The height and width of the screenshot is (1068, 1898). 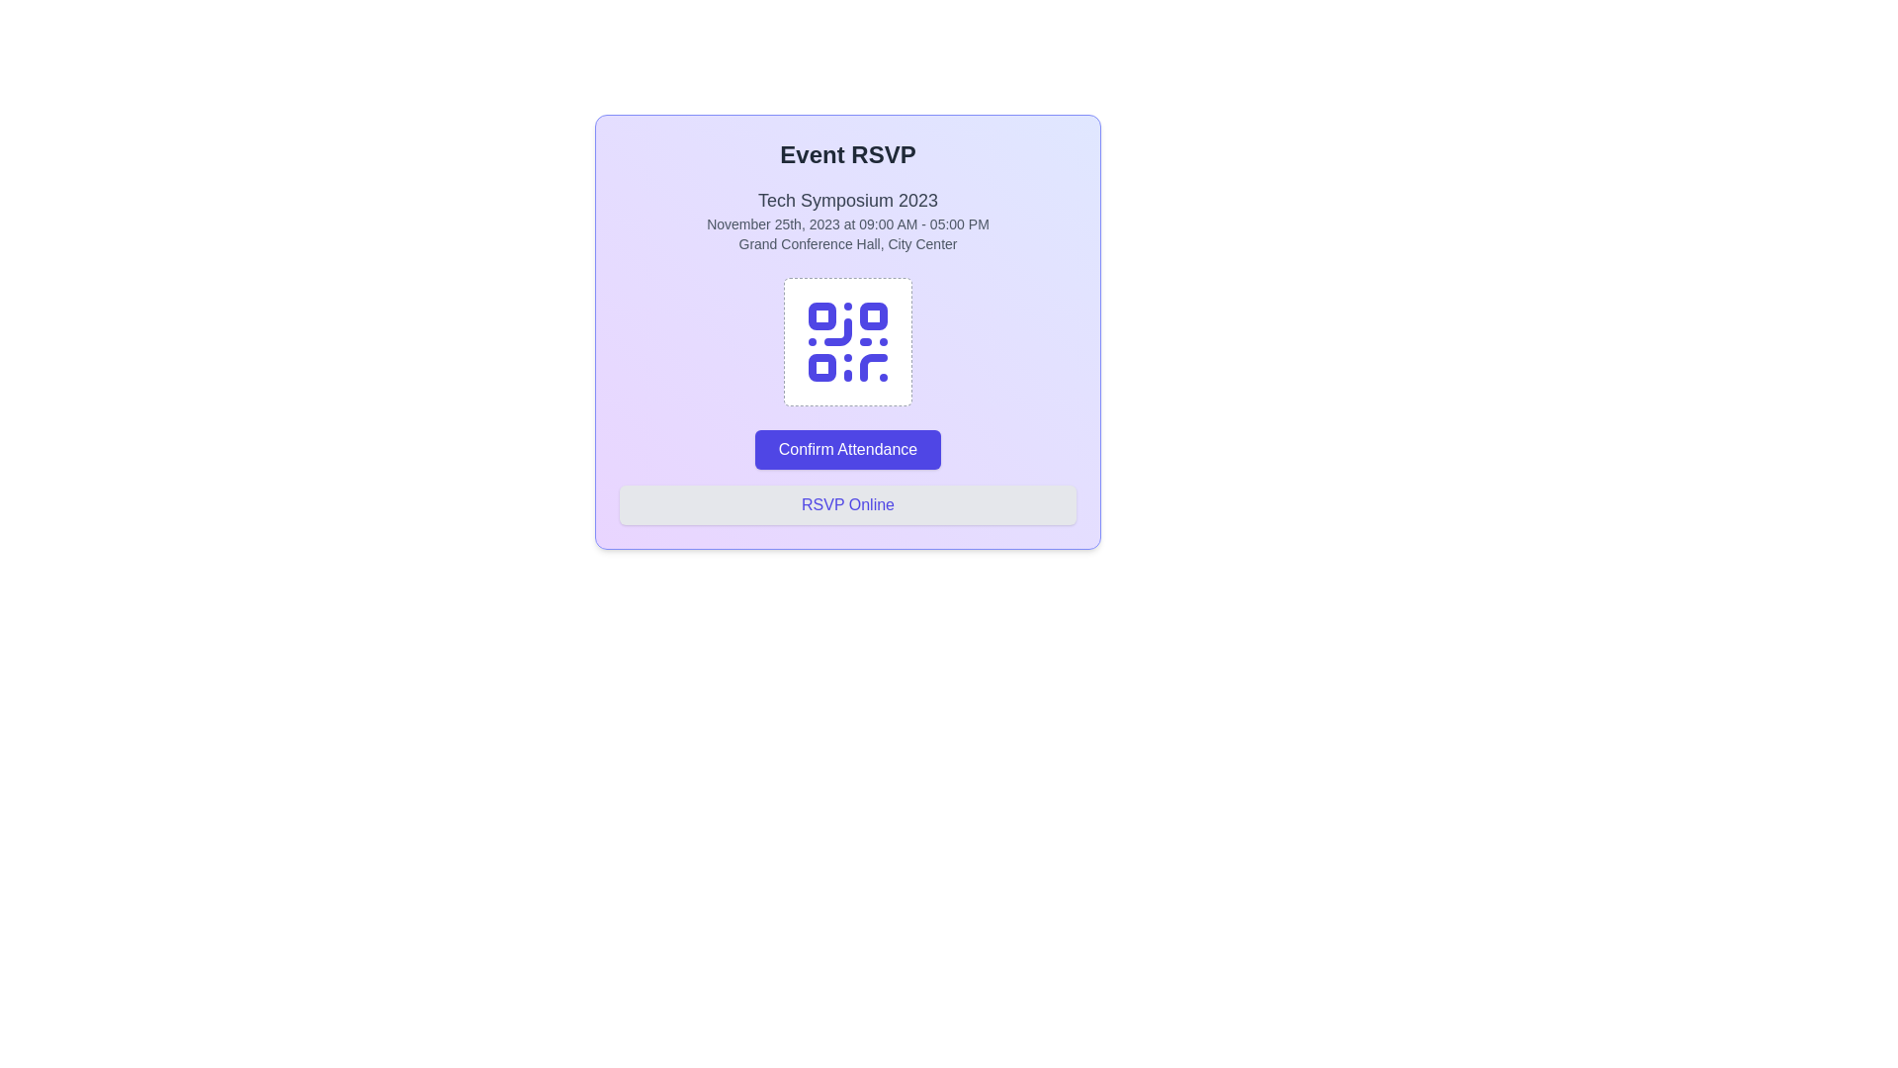 What do you see at coordinates (848, 450) in the screenshot?
I see `the button with the label 'Confirm Attendance' that has a vibrant indigo background and white text` at bounding box center [848, 450].